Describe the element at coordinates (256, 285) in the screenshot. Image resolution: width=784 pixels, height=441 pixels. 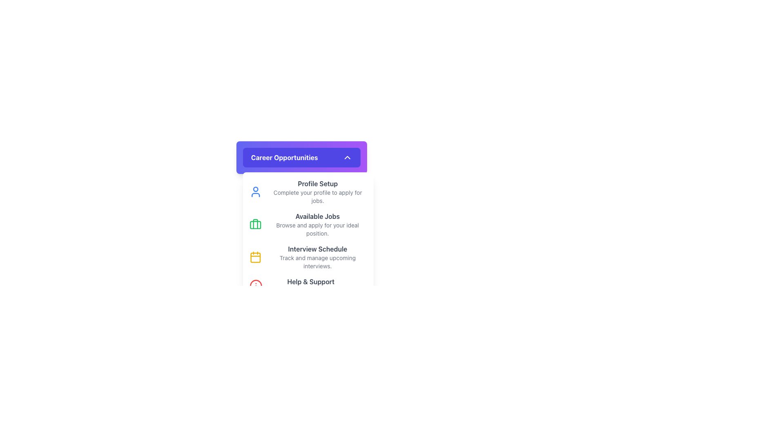
I see `the informational icon located to the immediate left of the 'Help & Support' text under the 'Career Opportunities' header` at that location.